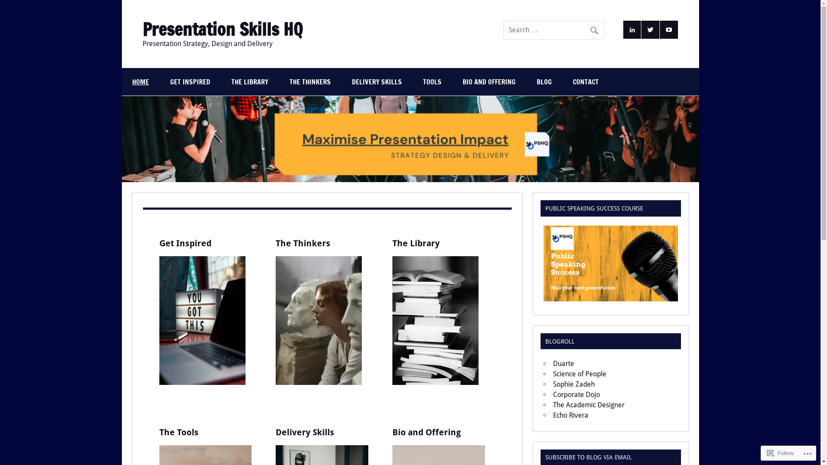 This screenshot has height=465, width=827. I want to click on 'Science of People', so click(553, 373).